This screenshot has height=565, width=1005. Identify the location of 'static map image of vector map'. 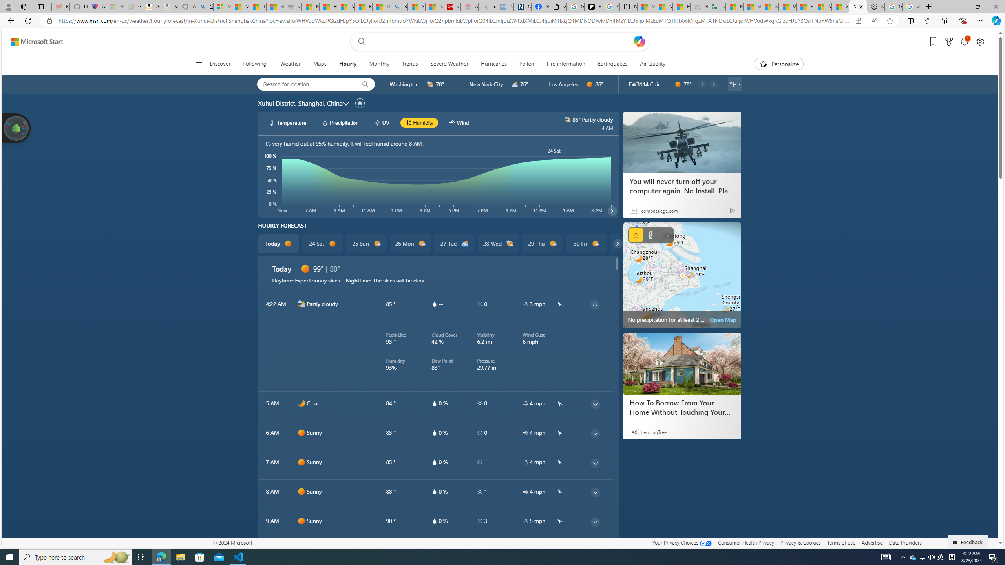
(682, 275).